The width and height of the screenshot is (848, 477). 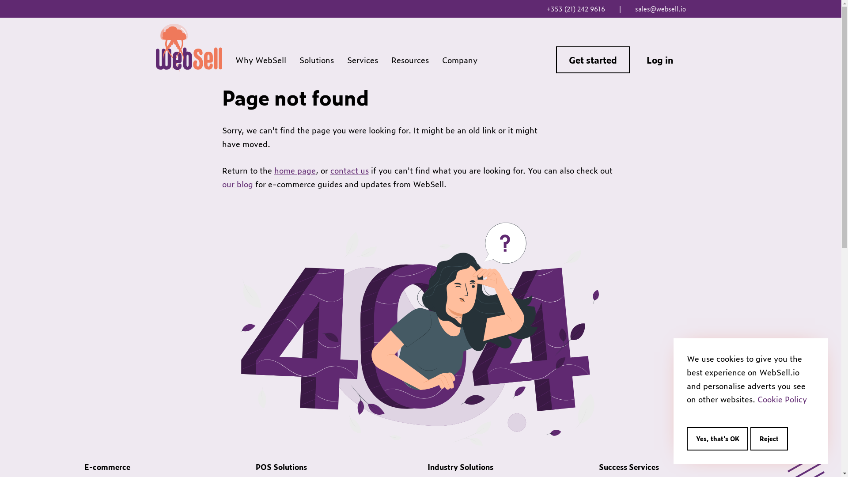 I want to click on 'Get started', so click(x=593, y=60).